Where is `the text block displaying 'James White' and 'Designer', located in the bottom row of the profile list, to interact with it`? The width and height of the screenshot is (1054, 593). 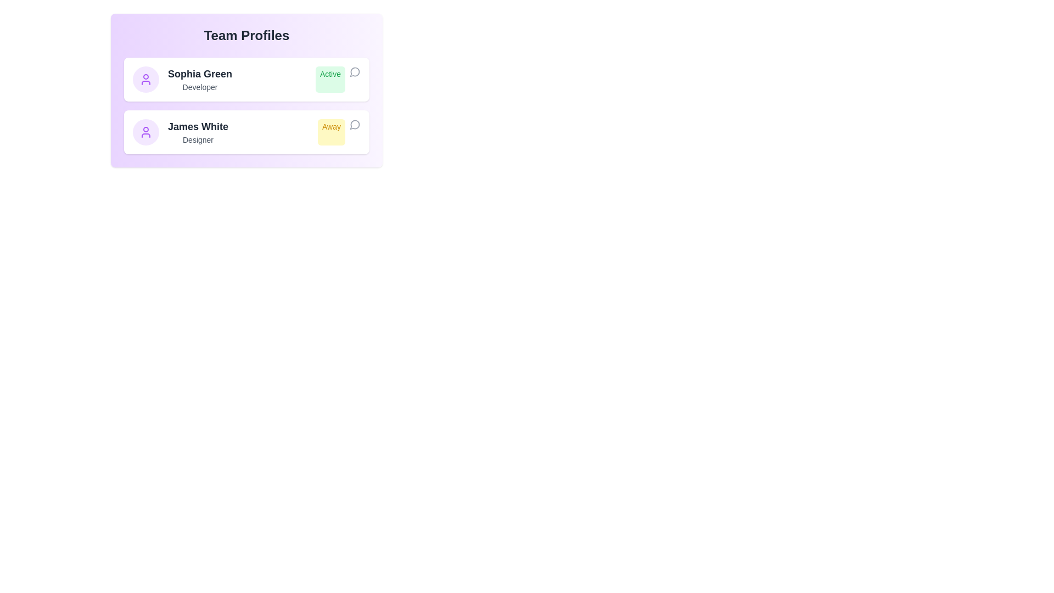 the text block displaying 'James White' and 'Designer', located in the bottom row of the profile list, to interact with it is located at coordinates (198, 131).